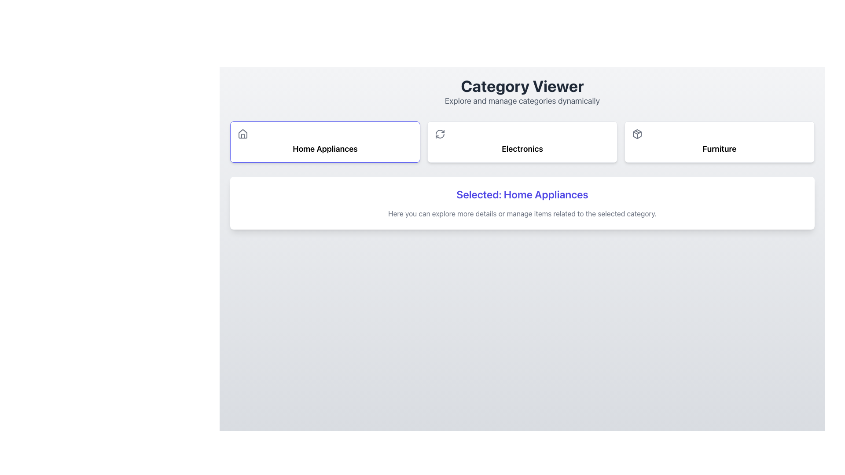  Describe the element at coordinates (522, 214) in the screenshot. I see `the static text label that provides instructions or context regarding the selected category, located below the 'Selected: Home Appliances' text` at that location.